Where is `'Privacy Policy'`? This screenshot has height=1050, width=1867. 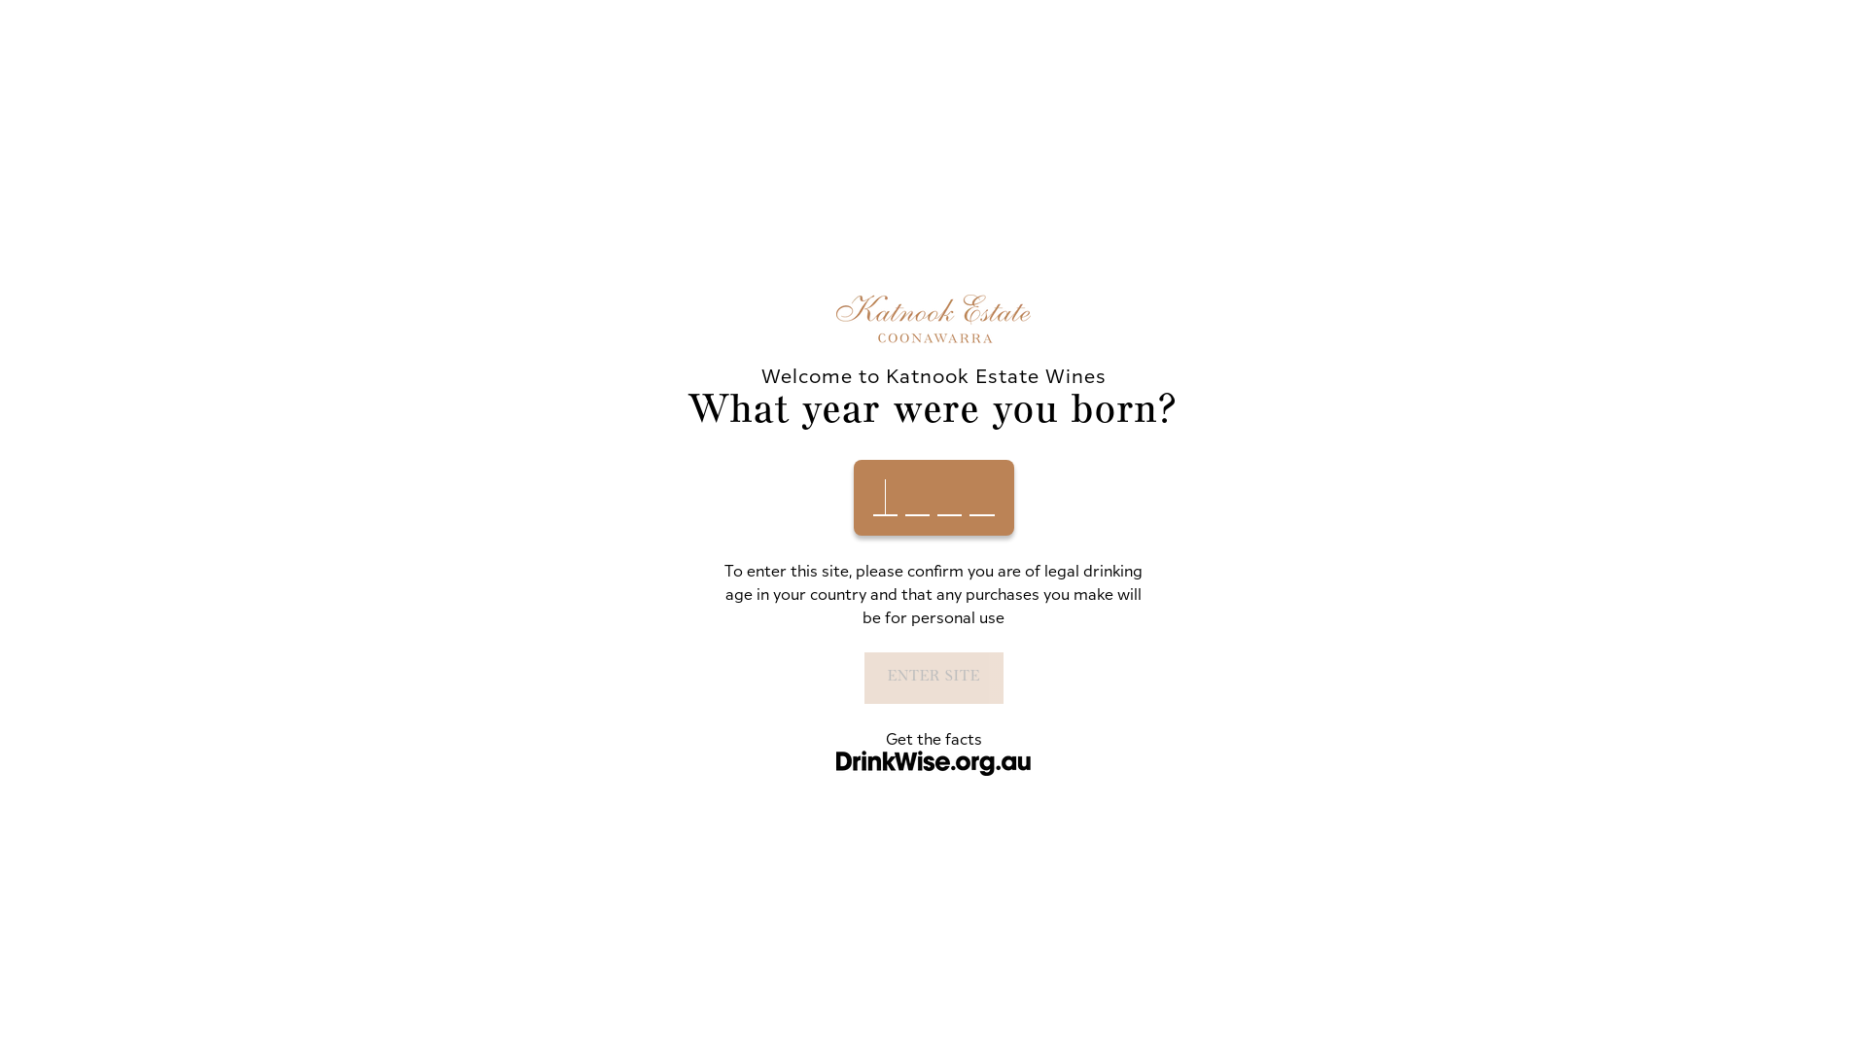
'Privacy Policy' is located at coordinates (528, 899).